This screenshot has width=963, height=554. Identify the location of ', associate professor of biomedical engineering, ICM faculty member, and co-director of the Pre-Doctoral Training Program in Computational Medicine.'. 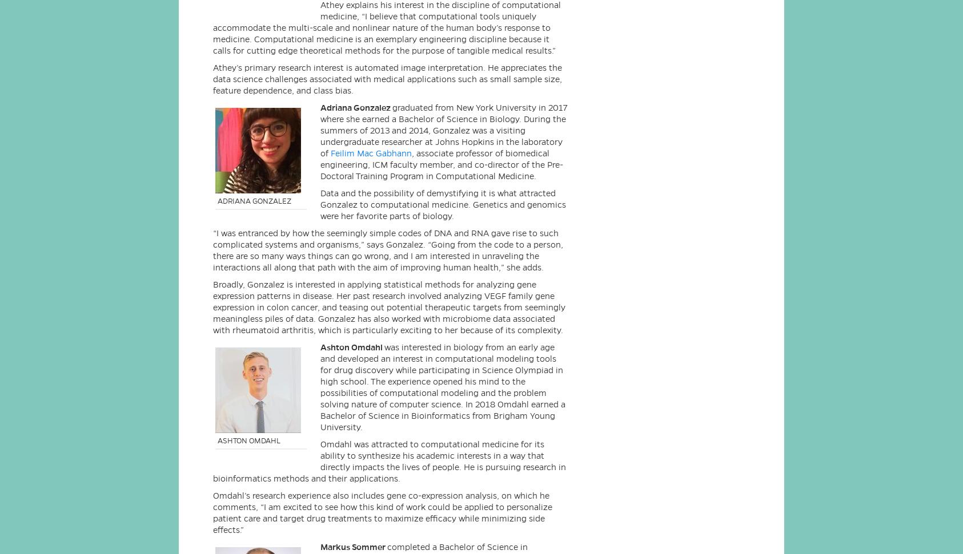
(442, 163).